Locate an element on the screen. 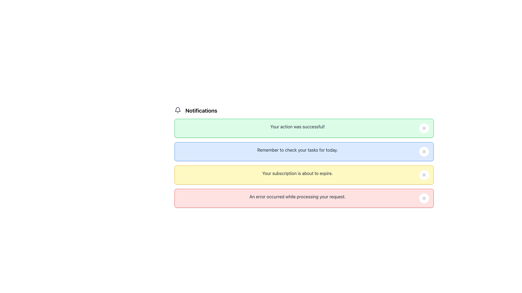  text content 'Remember to check your tasks for today.' displayed in bold sans-serif font over a light blue background, located in the second notification block from the top is located at coordinates (297, 150).